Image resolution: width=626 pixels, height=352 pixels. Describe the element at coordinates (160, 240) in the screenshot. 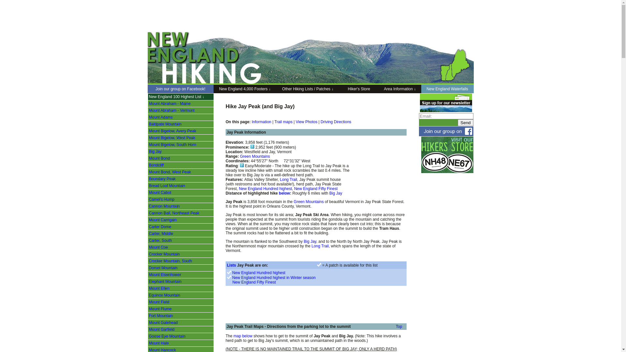

I see `'Carter, South'` at that location.